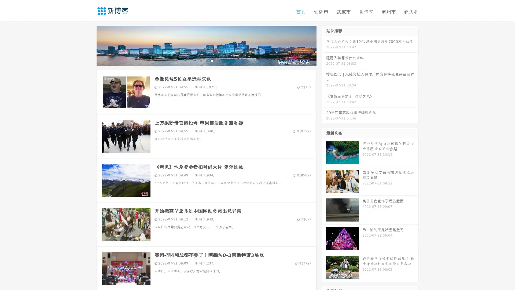 The image size is (515, 290). I want to click on Previous slide, so click(89, 45).